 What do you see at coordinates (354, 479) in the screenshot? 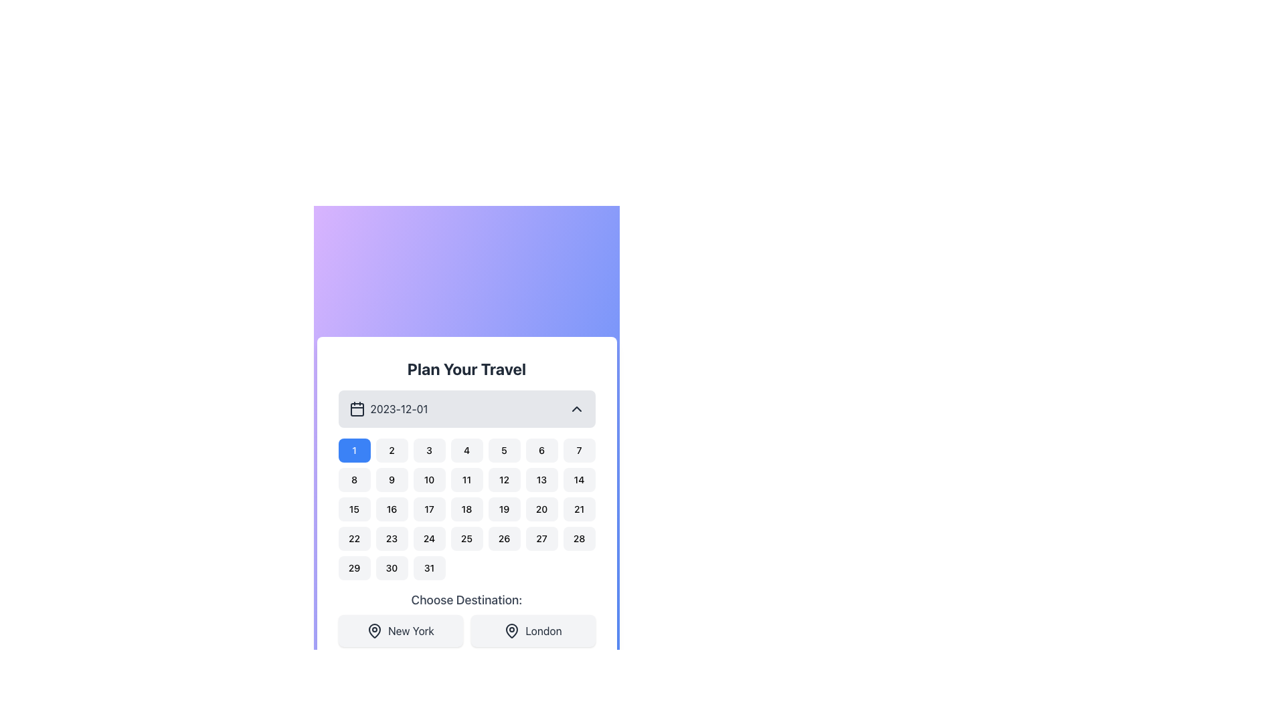
I see `the selectable day button for day 8 in the calendar interface` at bounding box center [354, 479].